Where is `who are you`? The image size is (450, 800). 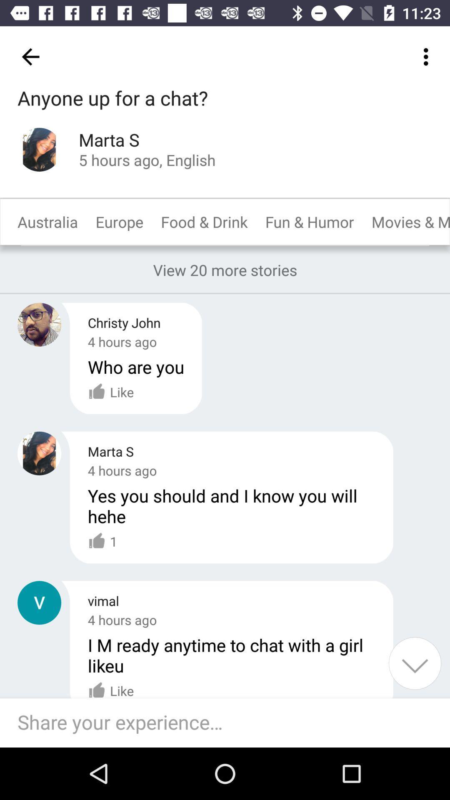
who are you is located at coordinates (136, 367).